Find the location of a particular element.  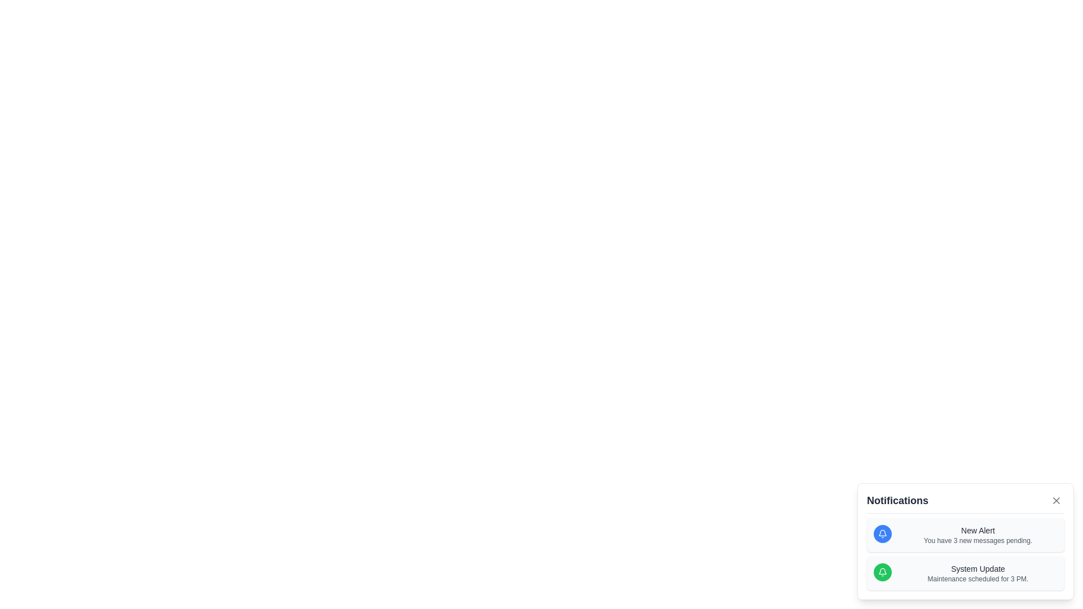

the second notification block that informs the user about a system update scheduled for 3 PM, located below the 'New Alert' notification is located at coordinates (965, 573).